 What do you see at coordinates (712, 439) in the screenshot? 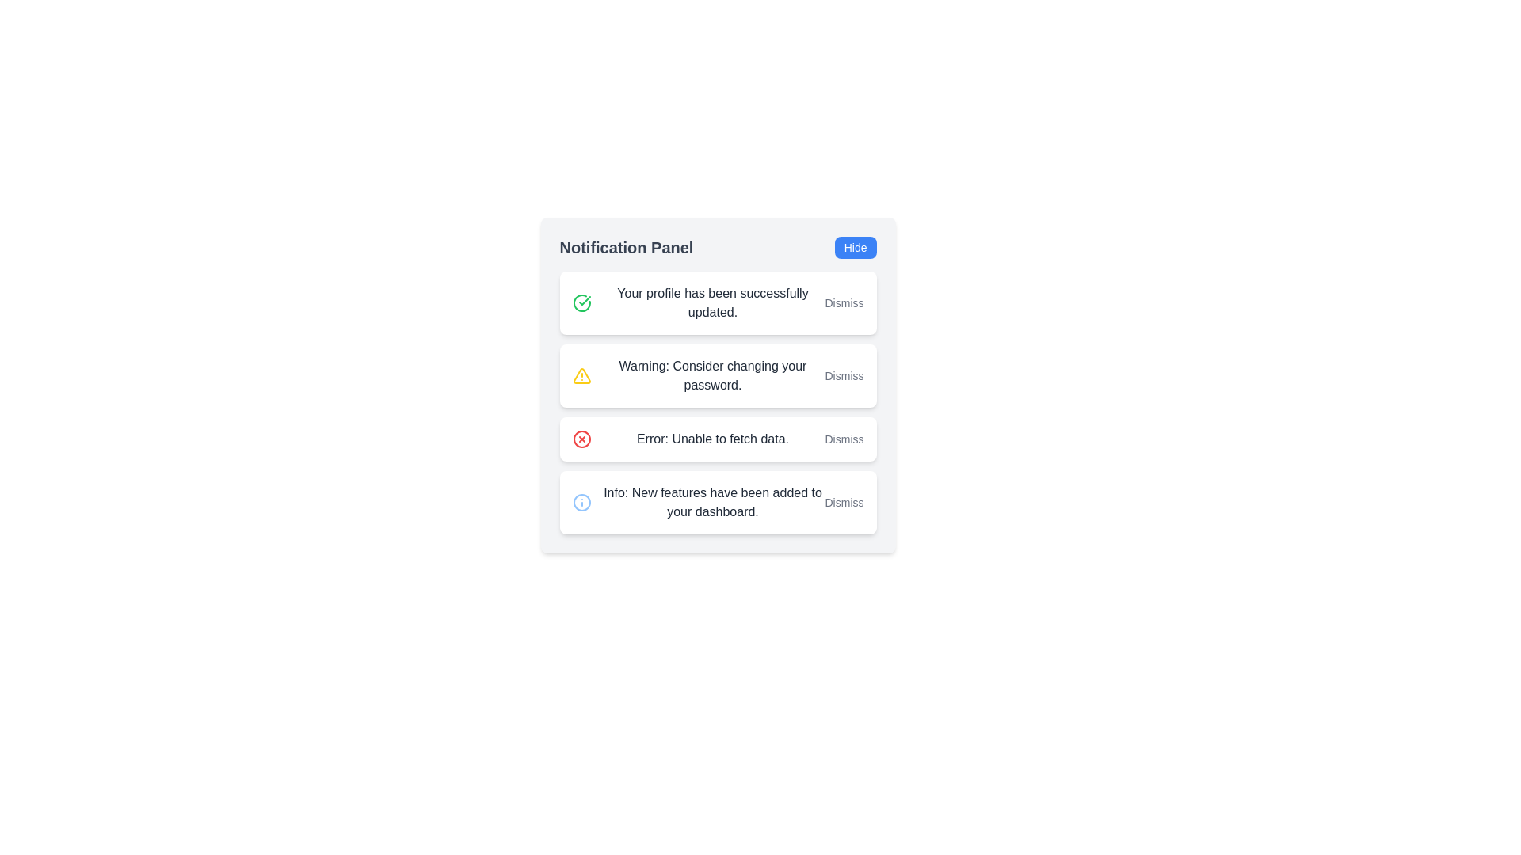
I see `error notification text content located in the notification card, which is centrally positioned between an error icon and a 'Dismiss' action` at bounding box center [712, 439].